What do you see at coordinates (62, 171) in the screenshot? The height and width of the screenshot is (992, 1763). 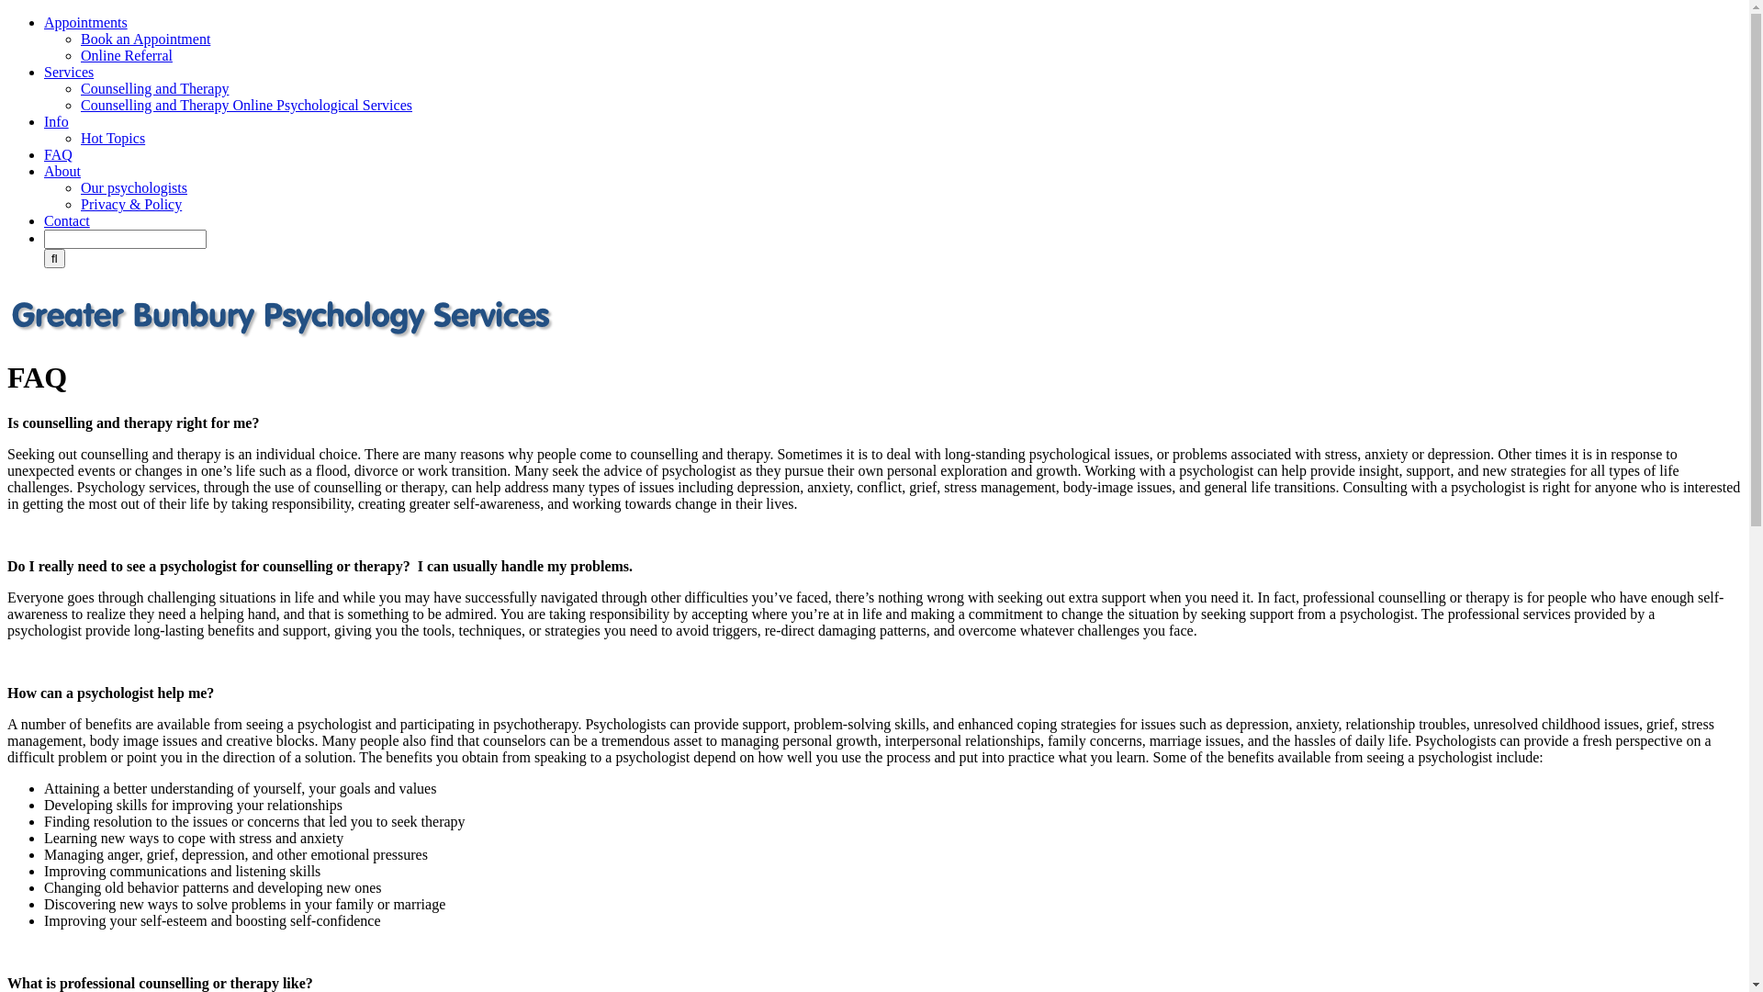 I see `'About'` at bounding box center [62, 171].